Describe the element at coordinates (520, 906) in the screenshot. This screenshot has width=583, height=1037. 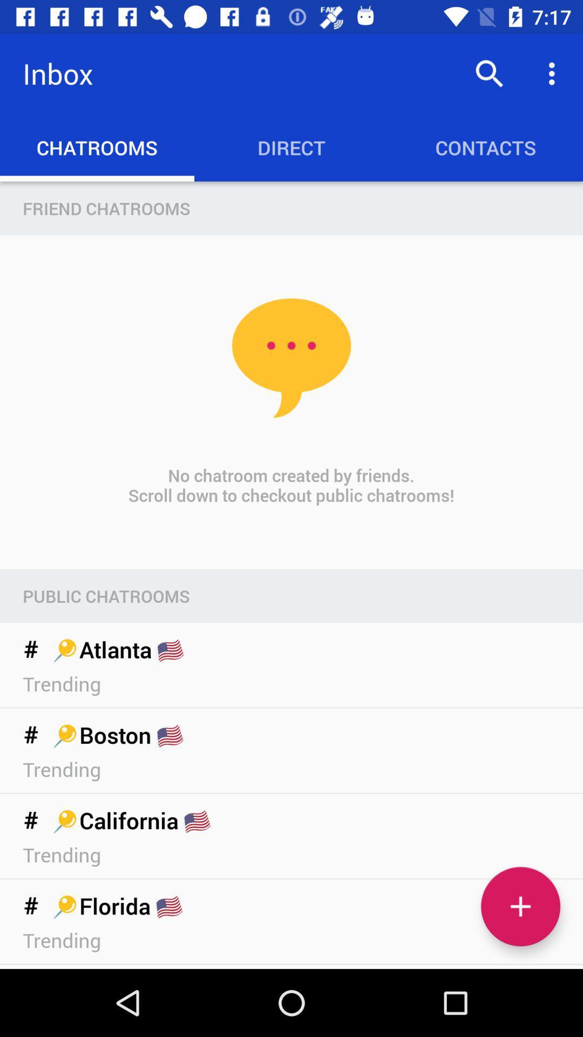
I see `item below trending item` at that location.